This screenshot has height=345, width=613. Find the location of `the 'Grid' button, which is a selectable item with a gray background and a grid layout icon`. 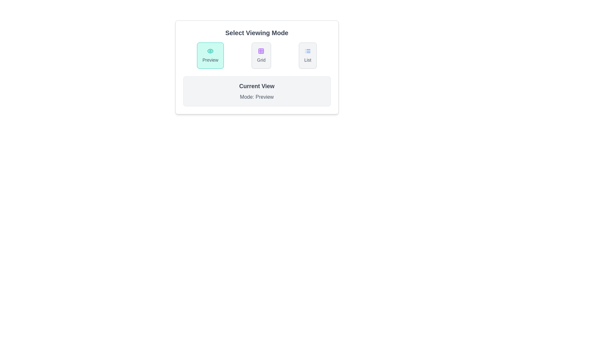

the 'Grid' button, which is a selectable item with a gray background and a grid layout icon is located at coordinates (261, 55).